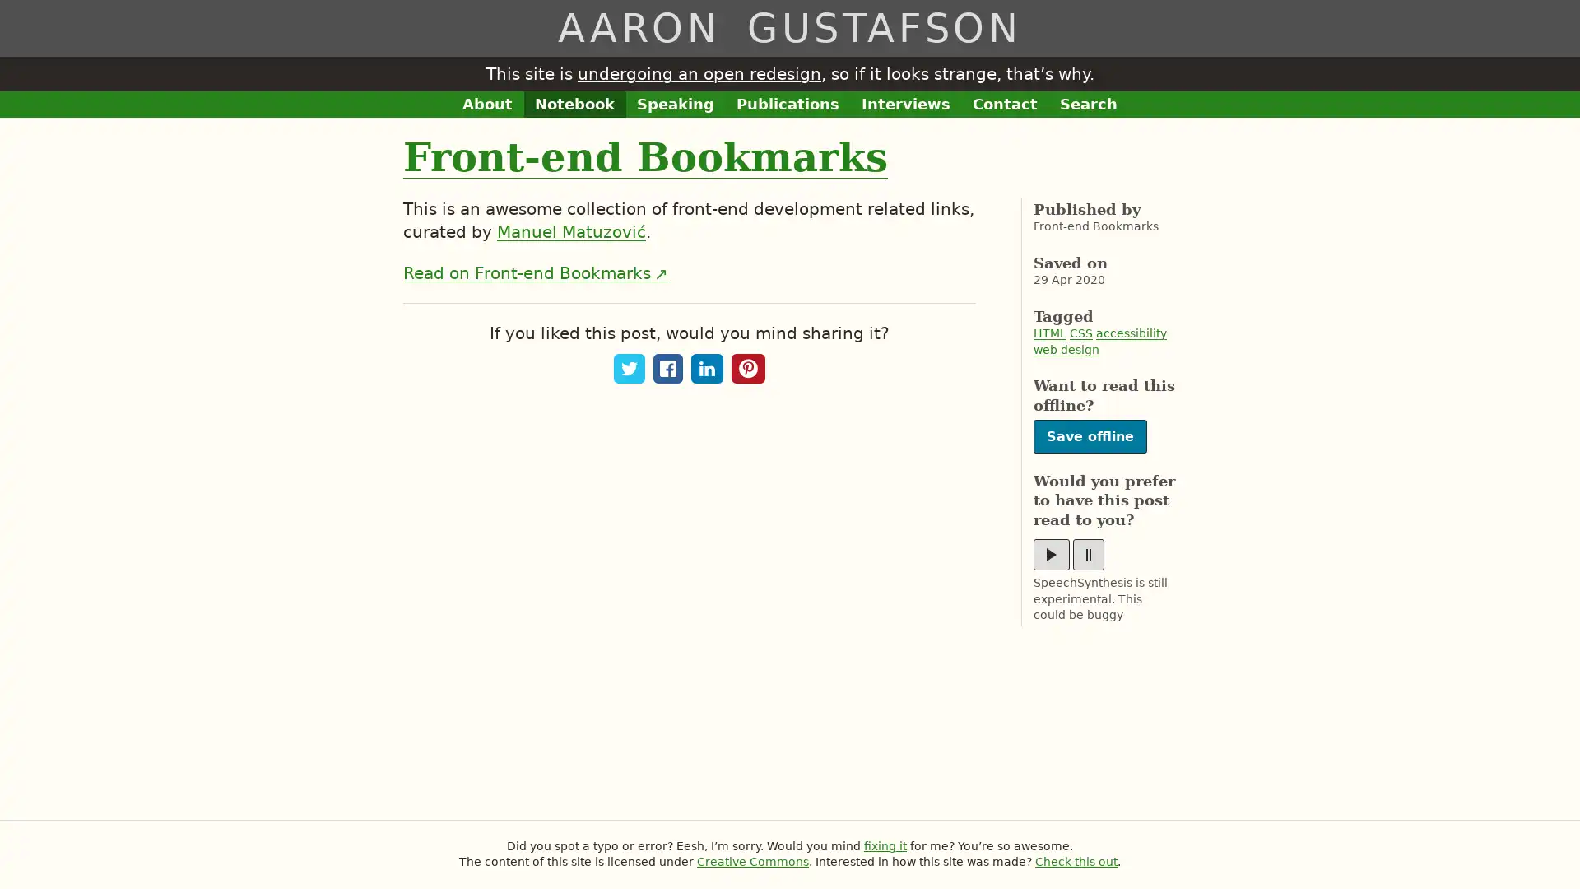 The width and height of the screenshot is (1580, 889). Describe the element at coordinates (1089, 555) in the screenshot. I see `Pause` at that location.